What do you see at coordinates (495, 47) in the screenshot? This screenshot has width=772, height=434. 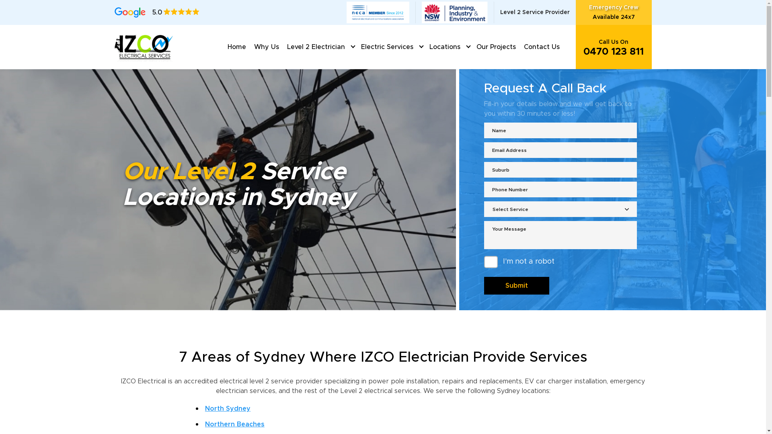 I see `'Our Projects'` at bounding box center [495, 47].